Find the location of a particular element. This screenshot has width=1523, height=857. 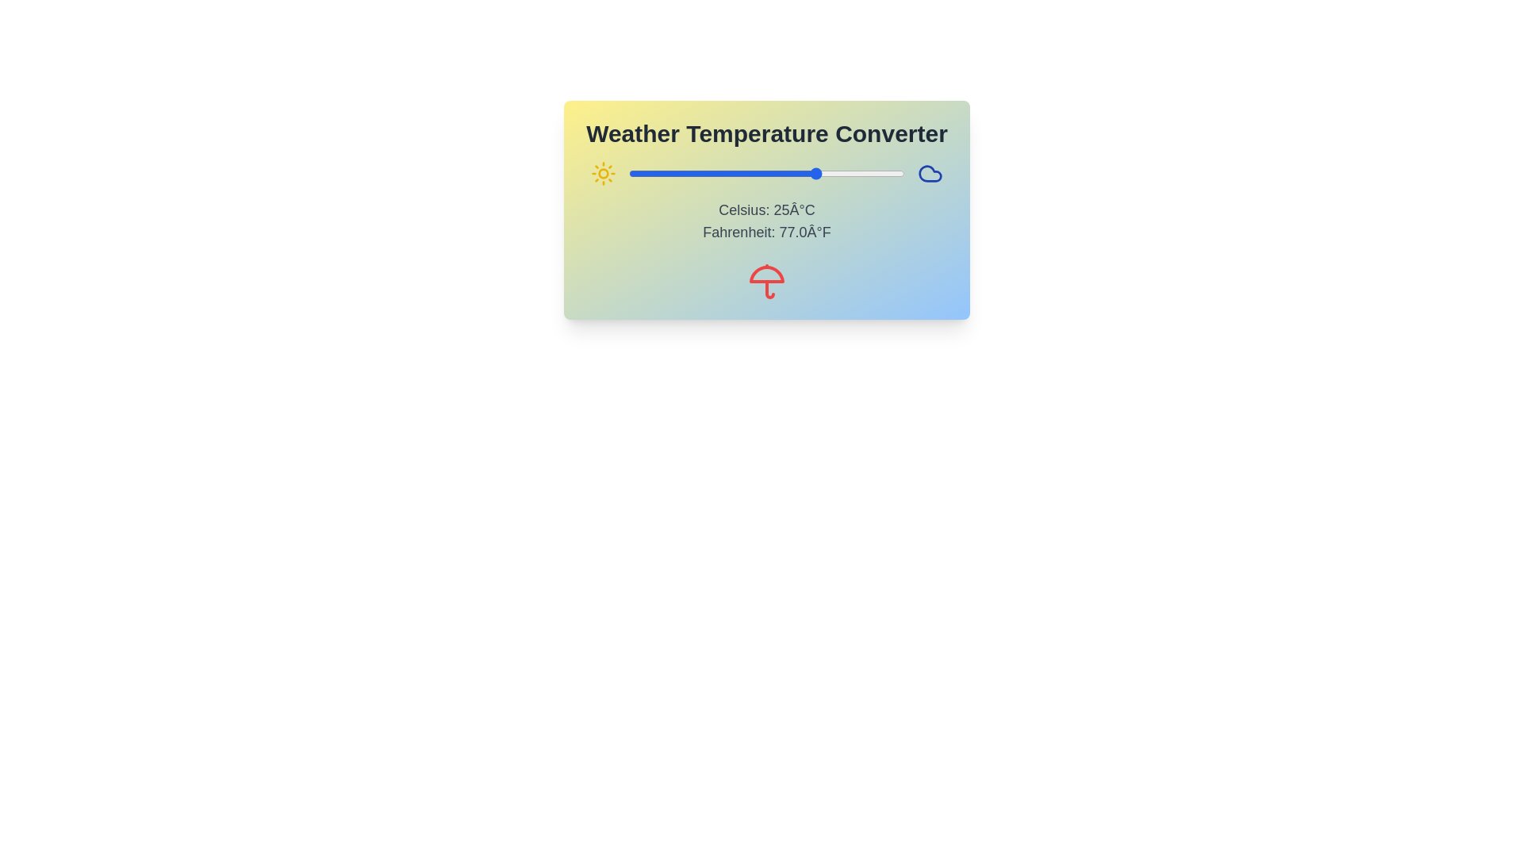

the temperature slider to set the Celsius value to 31 is located at coordinates (838, 174).